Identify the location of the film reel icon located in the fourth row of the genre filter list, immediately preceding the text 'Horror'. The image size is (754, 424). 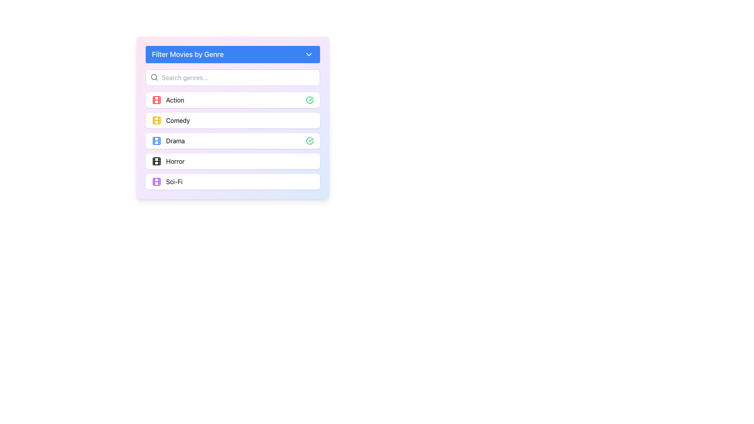
(156, 161).